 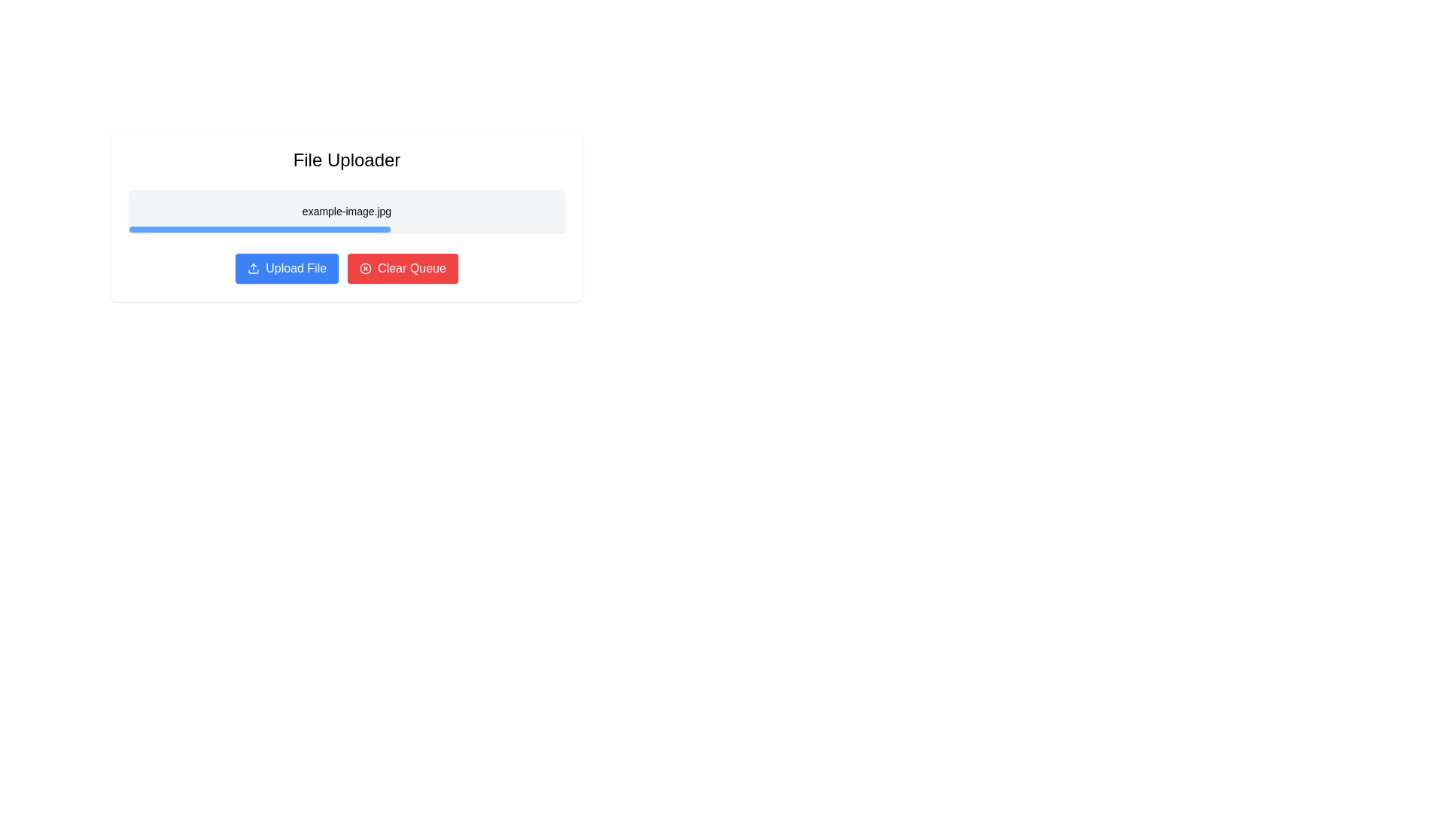 What do you see at coordinates (286, 268) in the screenshot?
I see `the first button on the left side of the interface to initiate a file upload` at bounding box center [286, 268].